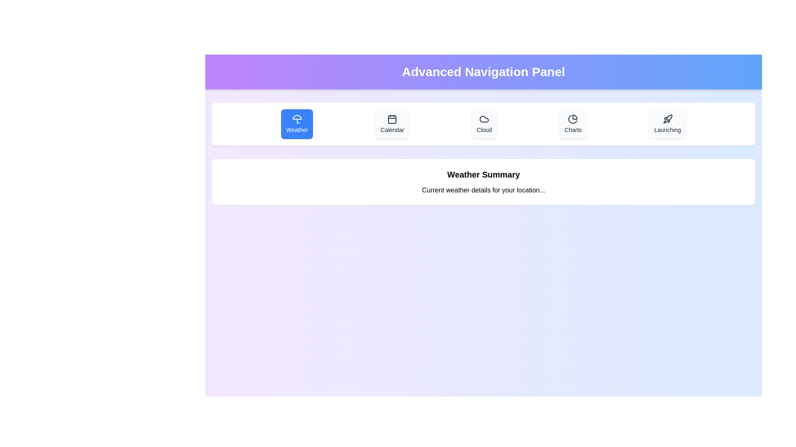 The width and height of the screenshot is (796, 447). I want to click on the pie chart segment icon located in the 'Charts' button, which is the third button in the navigation bar, so click(575, 117).